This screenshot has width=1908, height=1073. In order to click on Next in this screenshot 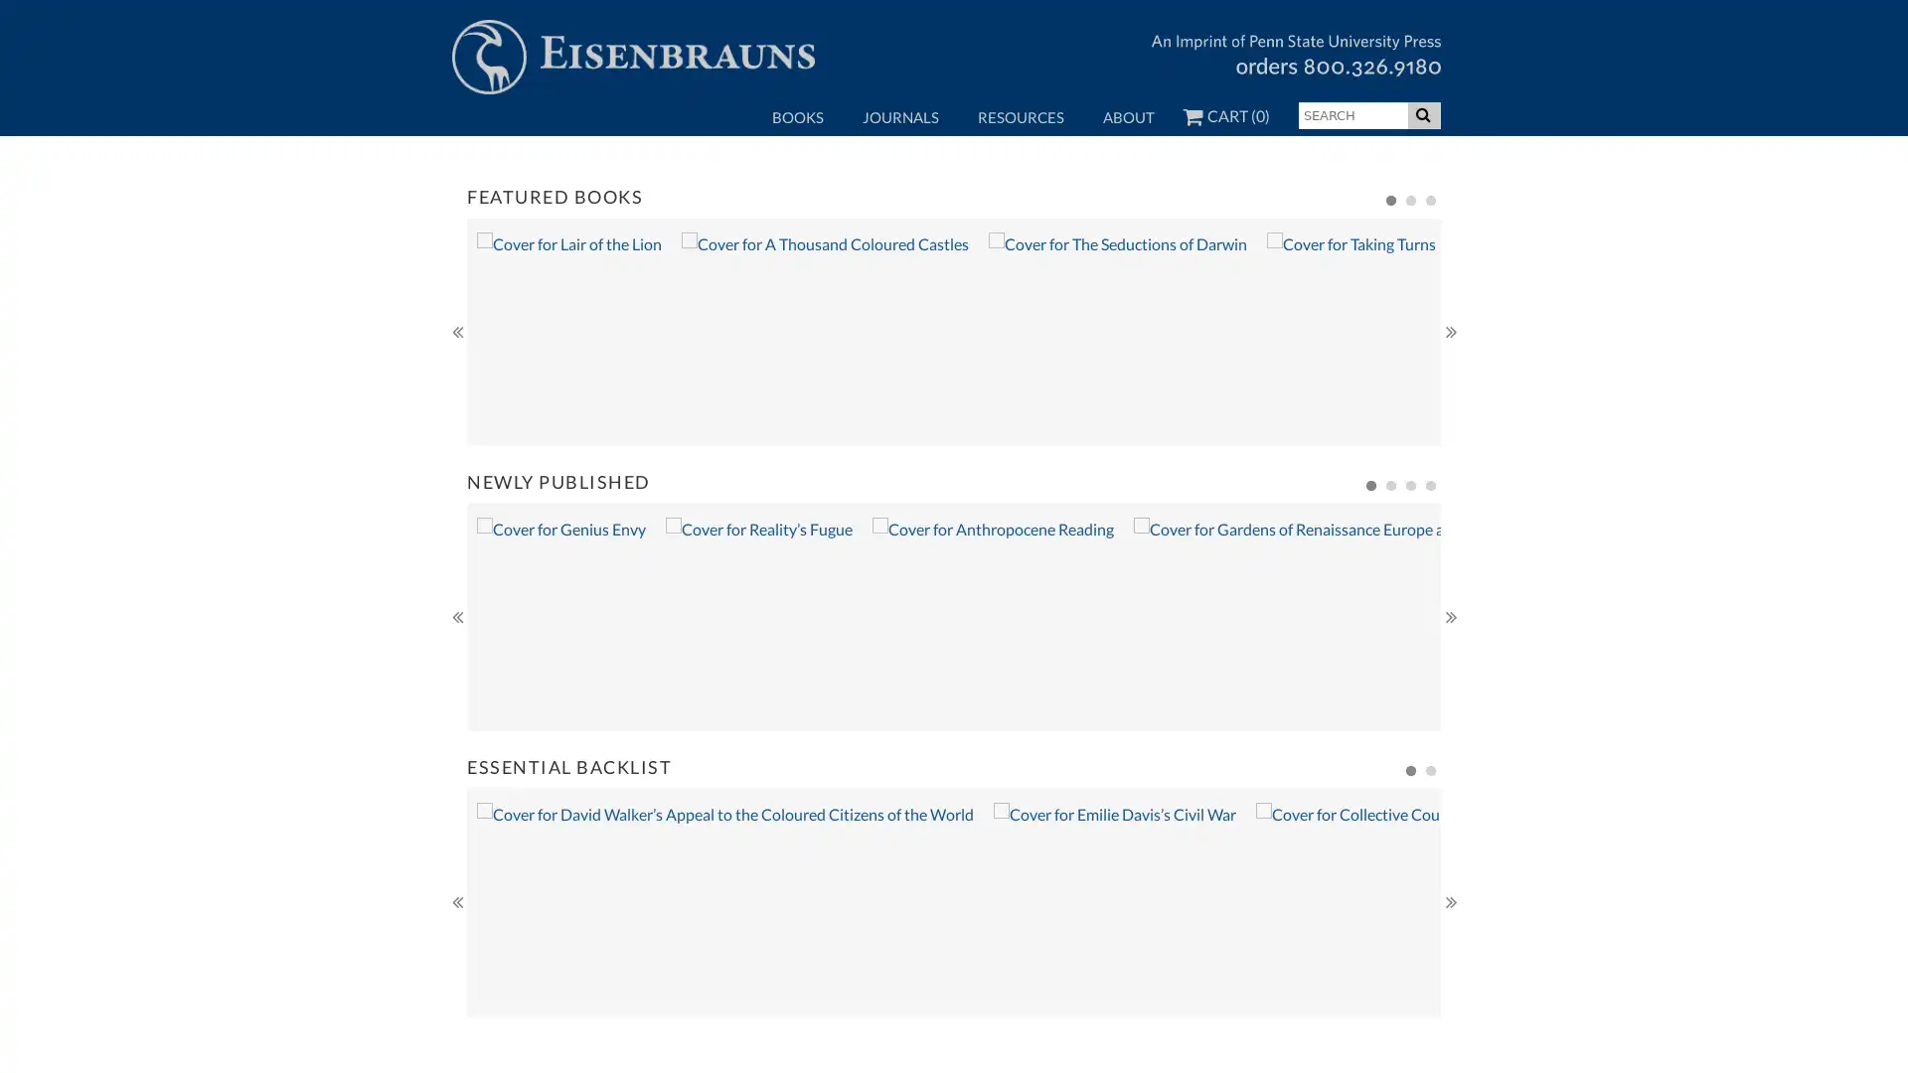, I will do `click(1450, 616)`.